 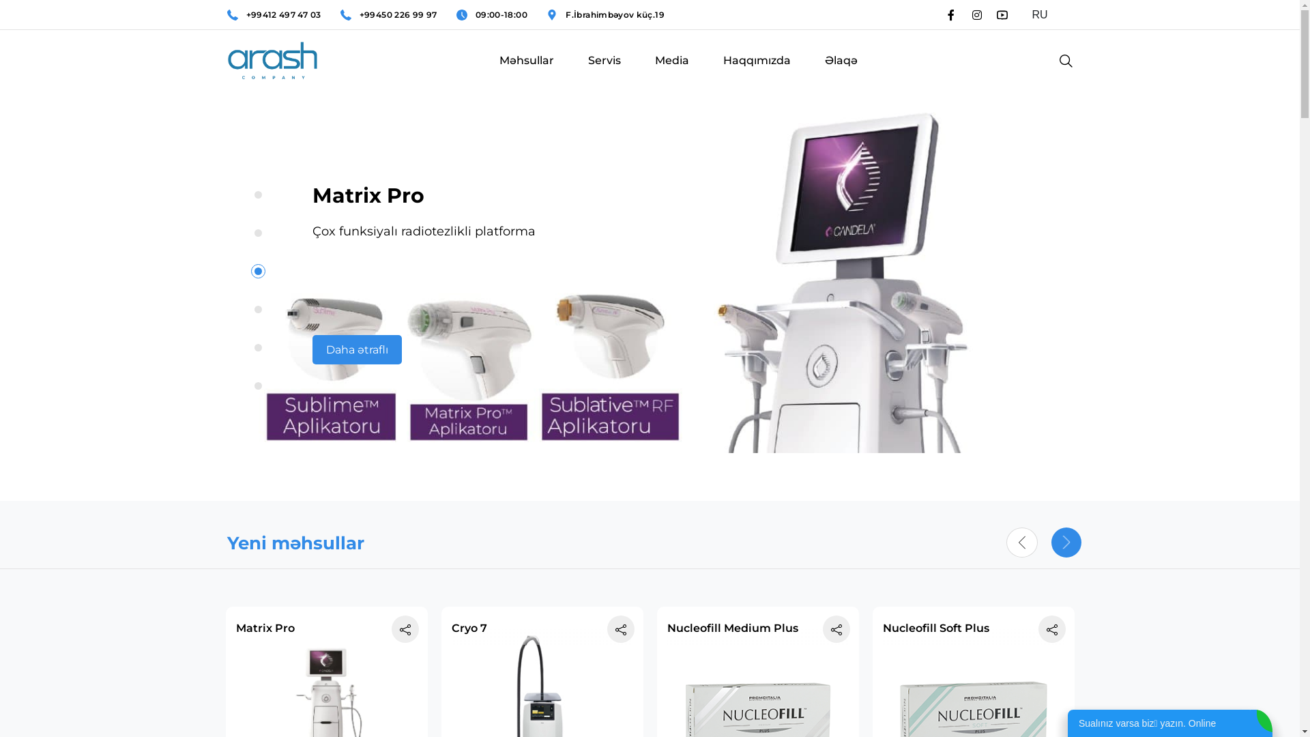 What do you see at coordinates (257, 309) in the screenshot?
I see `'4'` at bounding box center [257, 309].